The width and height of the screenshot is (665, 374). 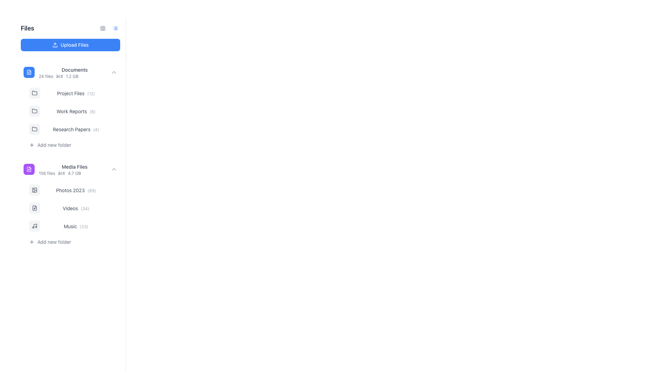 What do you see at coordinates (73, 226) in the screenshot?
I see `the 'Music' folder entry in the navigation panel` at bounding box center [73, 226].